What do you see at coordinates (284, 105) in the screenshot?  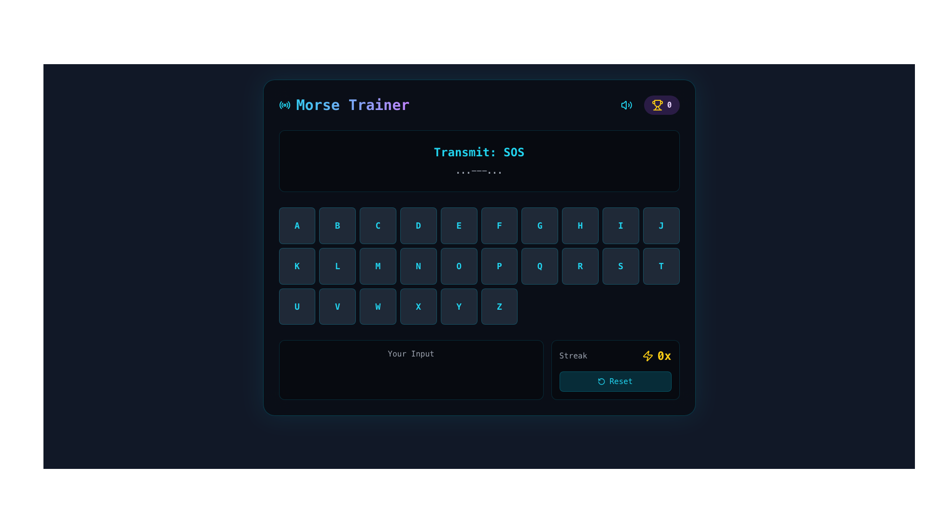 I see `the icon depicting radio waves or signal beams, which is located to the immediate left of the text label 'Morse Trainer'` at bounding box center [284, 105].